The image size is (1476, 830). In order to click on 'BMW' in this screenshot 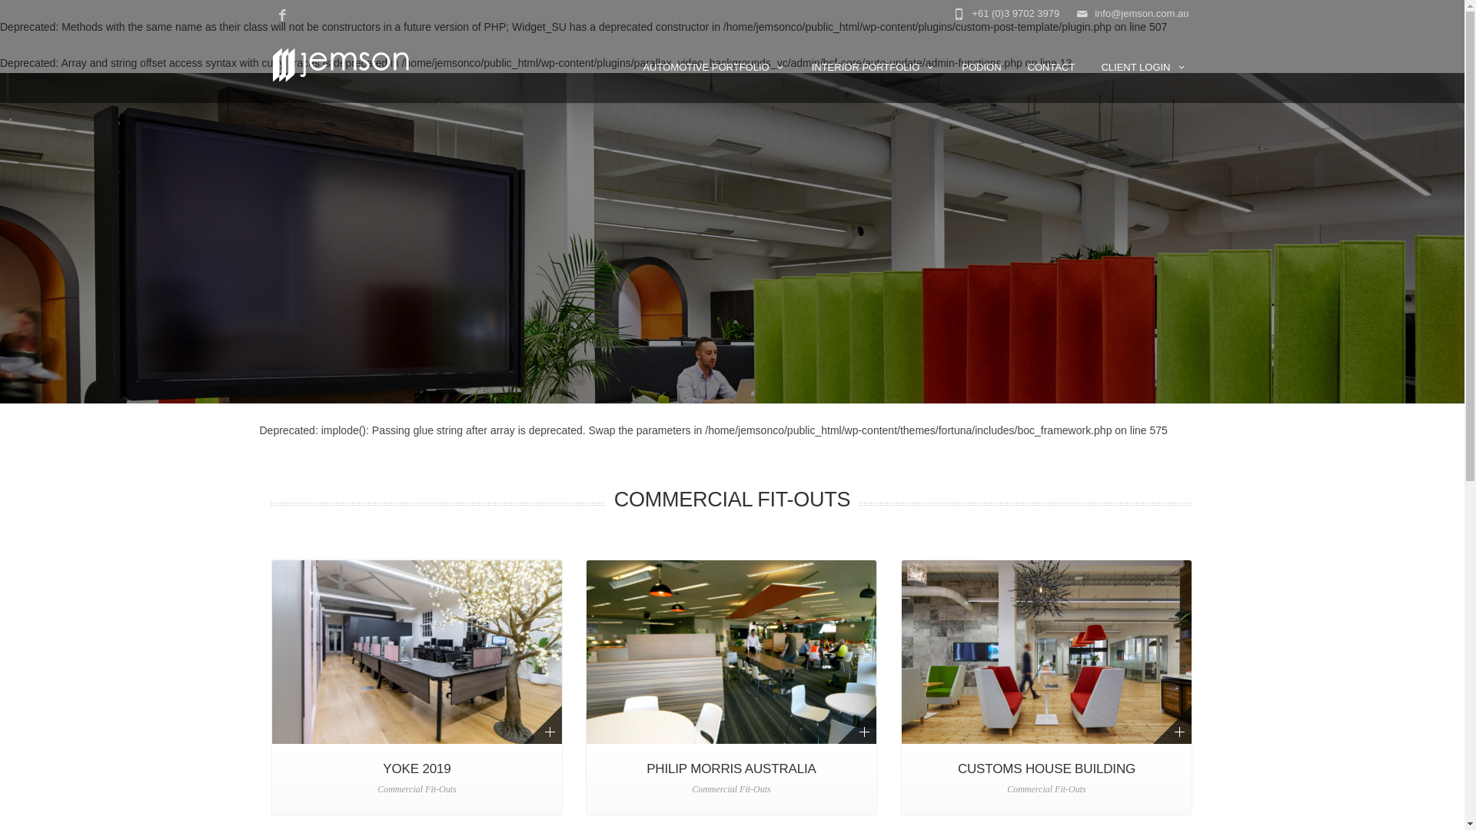, I will do `click(630, 683)`.